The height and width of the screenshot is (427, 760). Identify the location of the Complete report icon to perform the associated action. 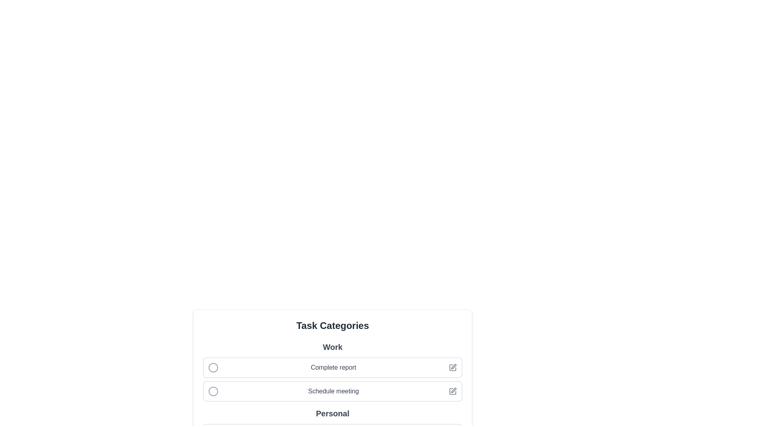
(452, 367).